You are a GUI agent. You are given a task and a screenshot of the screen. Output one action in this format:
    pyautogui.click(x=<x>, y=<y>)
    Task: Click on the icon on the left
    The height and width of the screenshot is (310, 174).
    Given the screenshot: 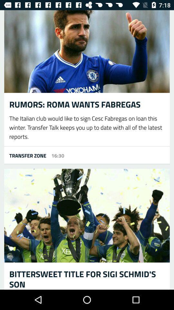 What is the action you would take?
    pyautogui.click(x=25, y=155)
    